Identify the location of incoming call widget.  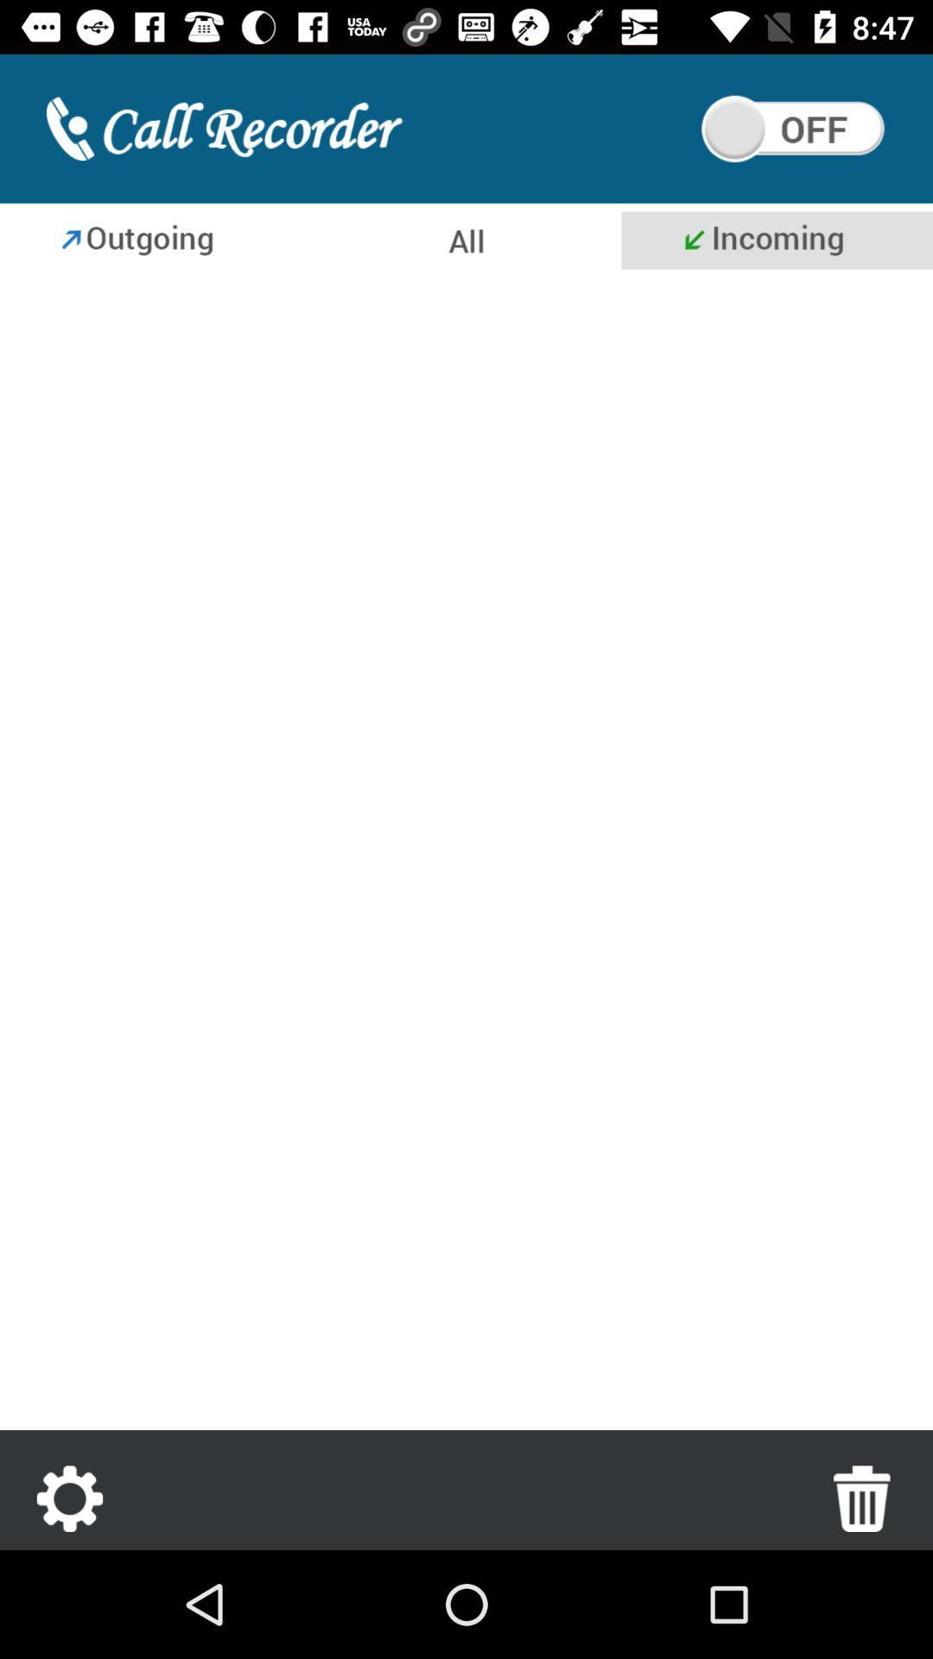
(776, 239).